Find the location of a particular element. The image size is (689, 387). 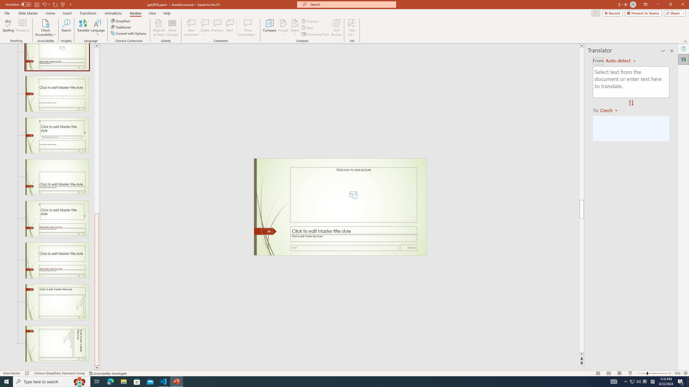

'Spelling...' is located at coordinates (8, 28).